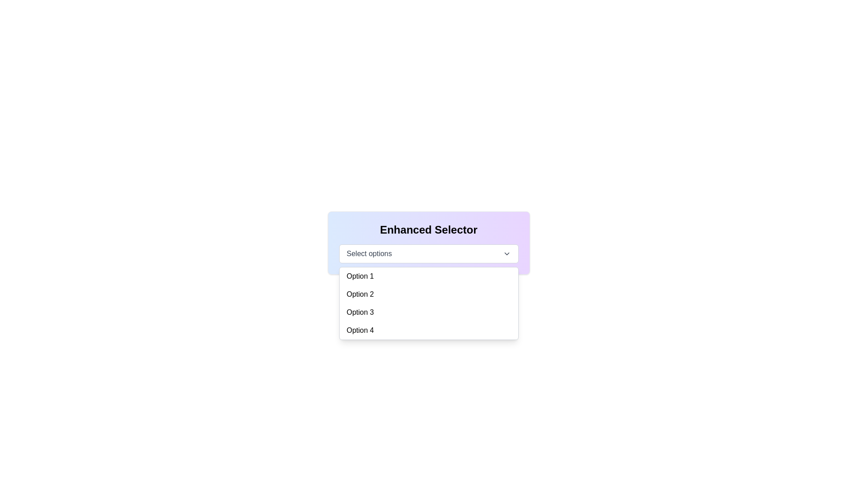  Describe the element at coordinates (507, 254) in the screenshot. I see `the downward chevron arrow icon located to the right of the 'Select options' button` at that location.